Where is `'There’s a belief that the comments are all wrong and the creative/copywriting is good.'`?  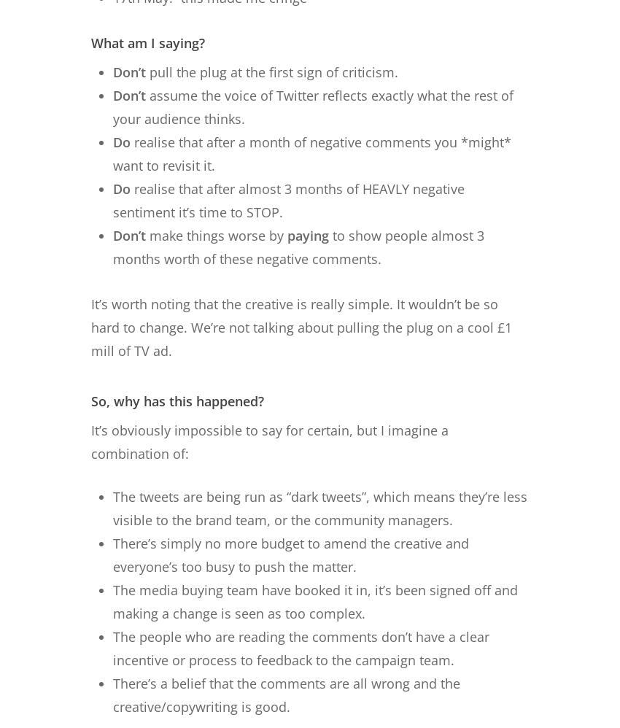 'There’s a belief that the comments are all wrong and the creative/copywriting is good.' is located at coordinates (287, 693).